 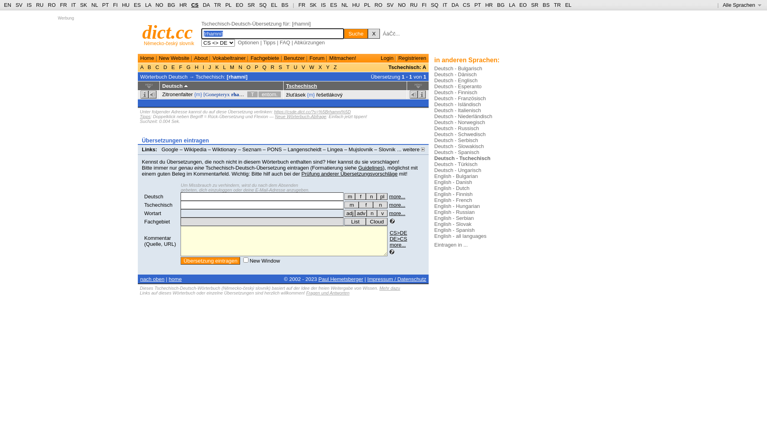 What do you see at coordinates (345, 5) in the screenshot?
I see `'NL'` at bounding box center [345, 5].